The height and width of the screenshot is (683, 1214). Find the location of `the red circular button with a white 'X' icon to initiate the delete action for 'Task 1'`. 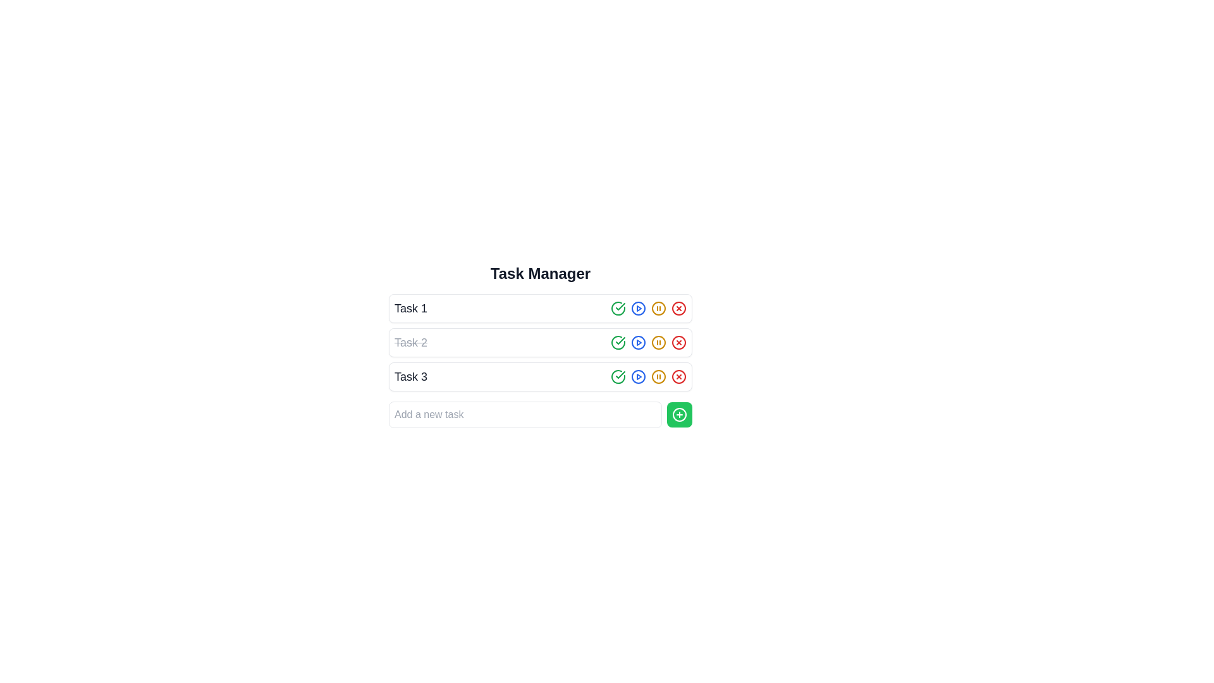

the red circular button with a white 'X' icon to initiate the delete action for 'Task 1' is located at coordinates (678, 309).